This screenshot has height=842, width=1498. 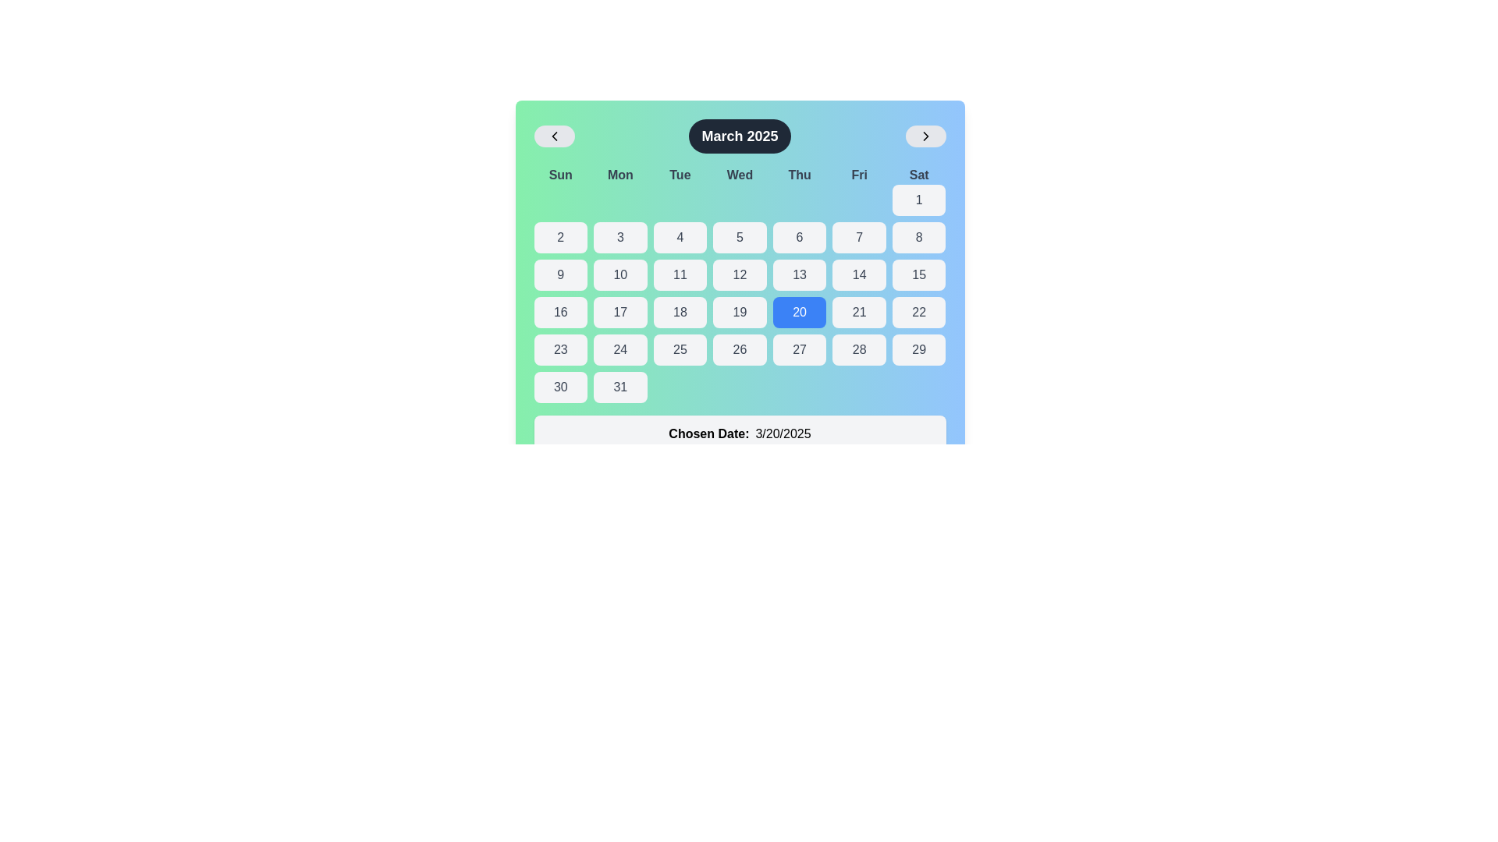 What do you see at coordinates (619, 175) in the screenshot?
I see `the Text label representing 'Monday' in the weekly calendar header, which is positioned between 'Sun' and 'Tue'` at bounding box center [619, 175].